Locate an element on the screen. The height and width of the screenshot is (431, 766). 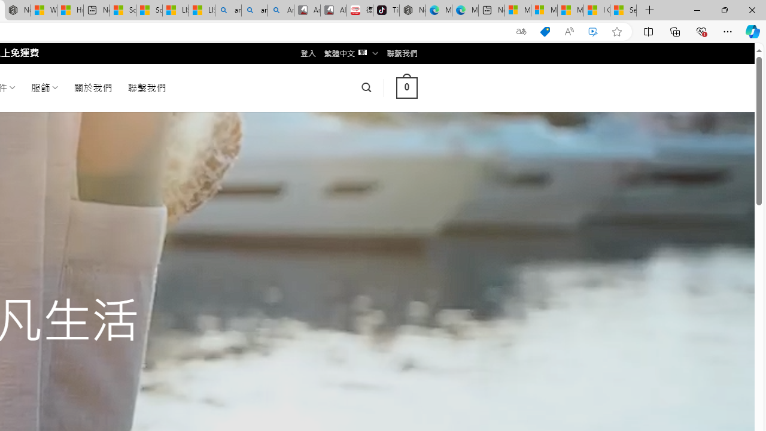
'Amazon Echo Robot - Search Images' is located at coordinates (280, 10).